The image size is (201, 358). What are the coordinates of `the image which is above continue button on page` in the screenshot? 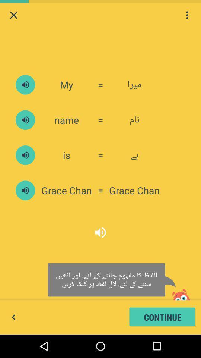 It's located at (181, 292).